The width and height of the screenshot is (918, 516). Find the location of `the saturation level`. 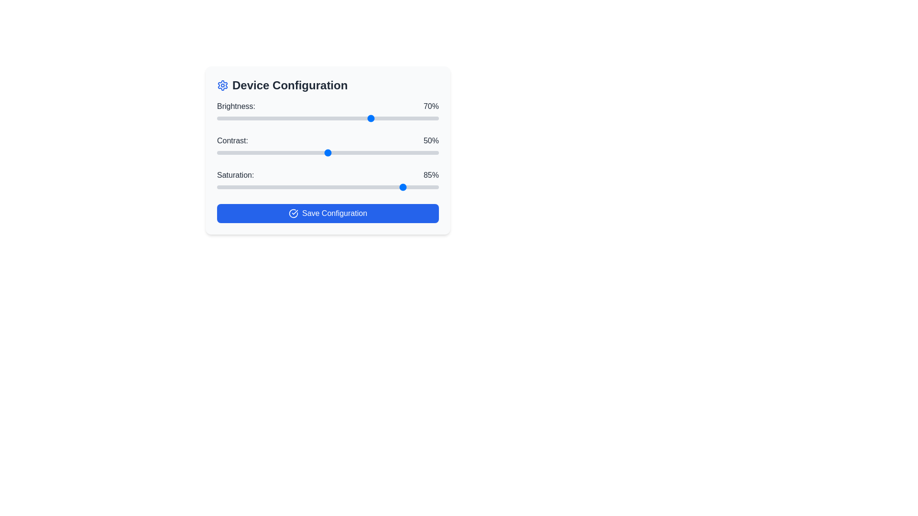

the saturation level is located at coordinates (283, 187).